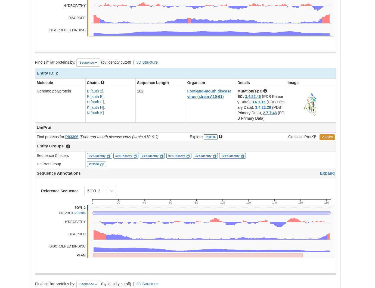  I want to click on '2.7.7.48', so click(269, 112).